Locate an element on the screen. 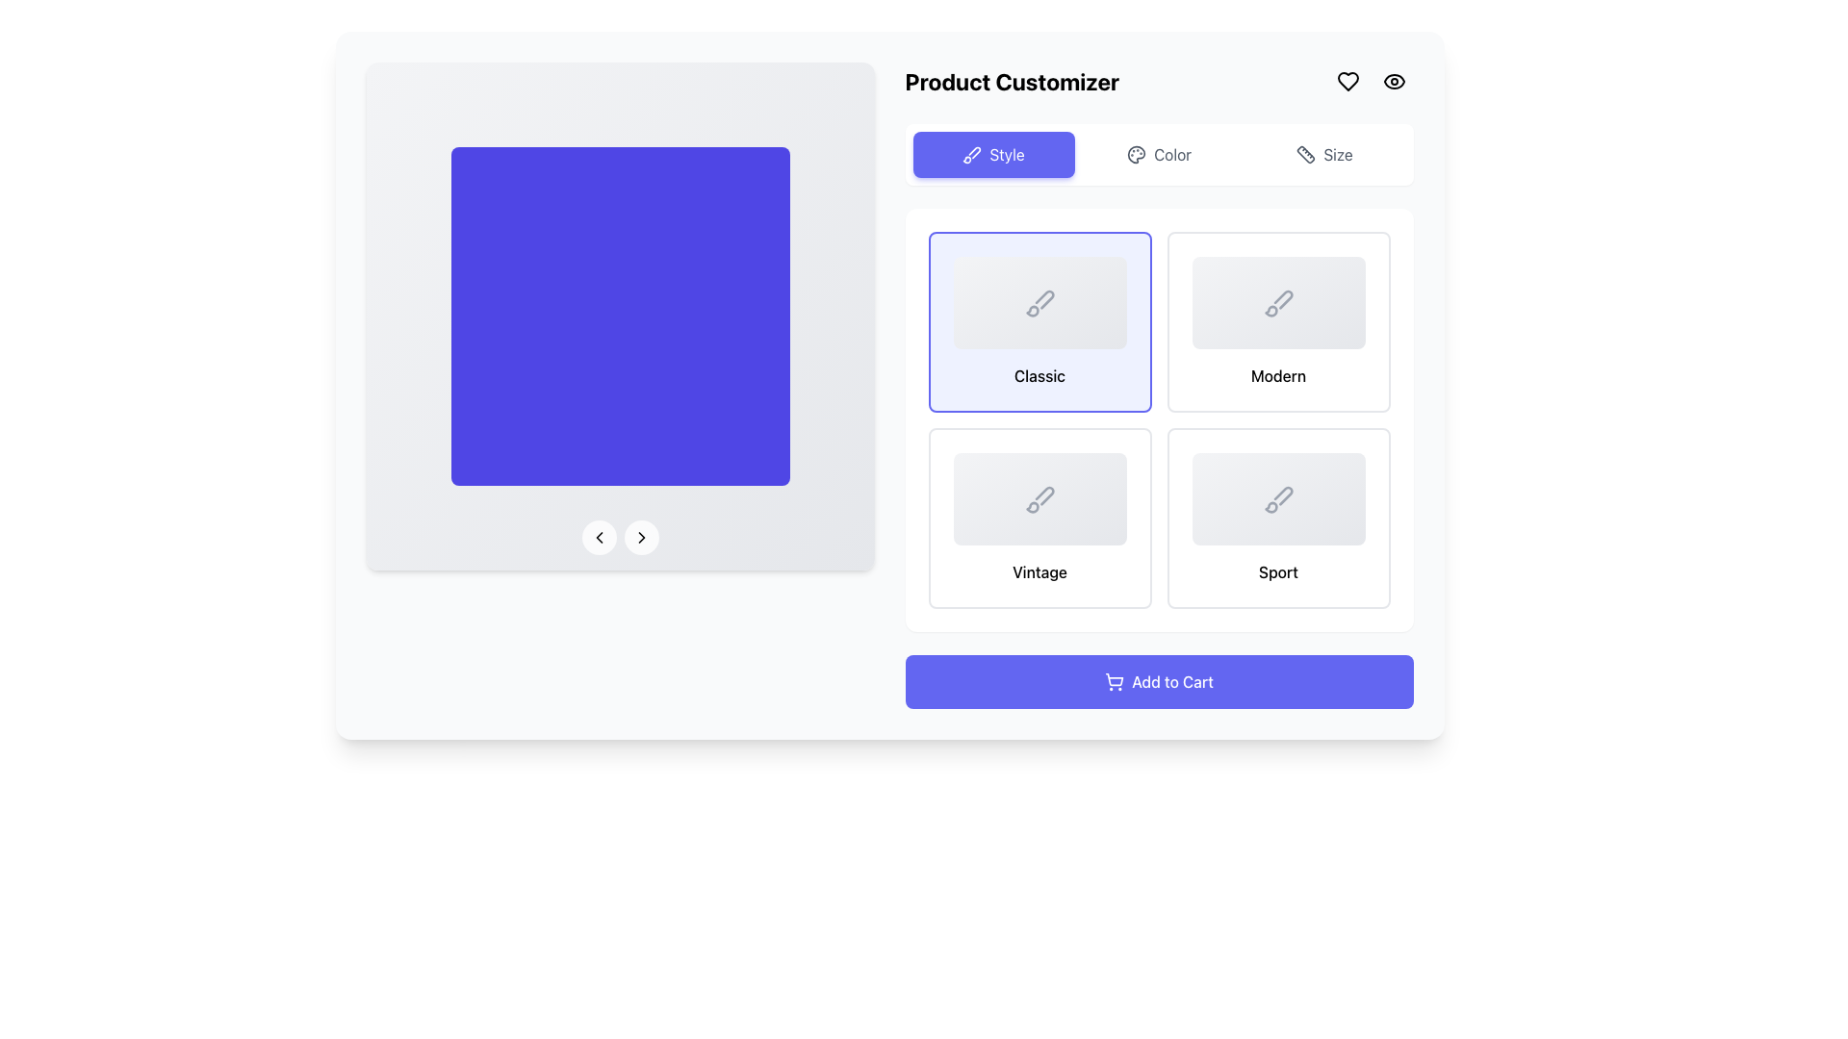 This screenshot has width=1848, height=1039. the call-to-action button at the bottom of the product customization section is located at coordinates (1158, 681).